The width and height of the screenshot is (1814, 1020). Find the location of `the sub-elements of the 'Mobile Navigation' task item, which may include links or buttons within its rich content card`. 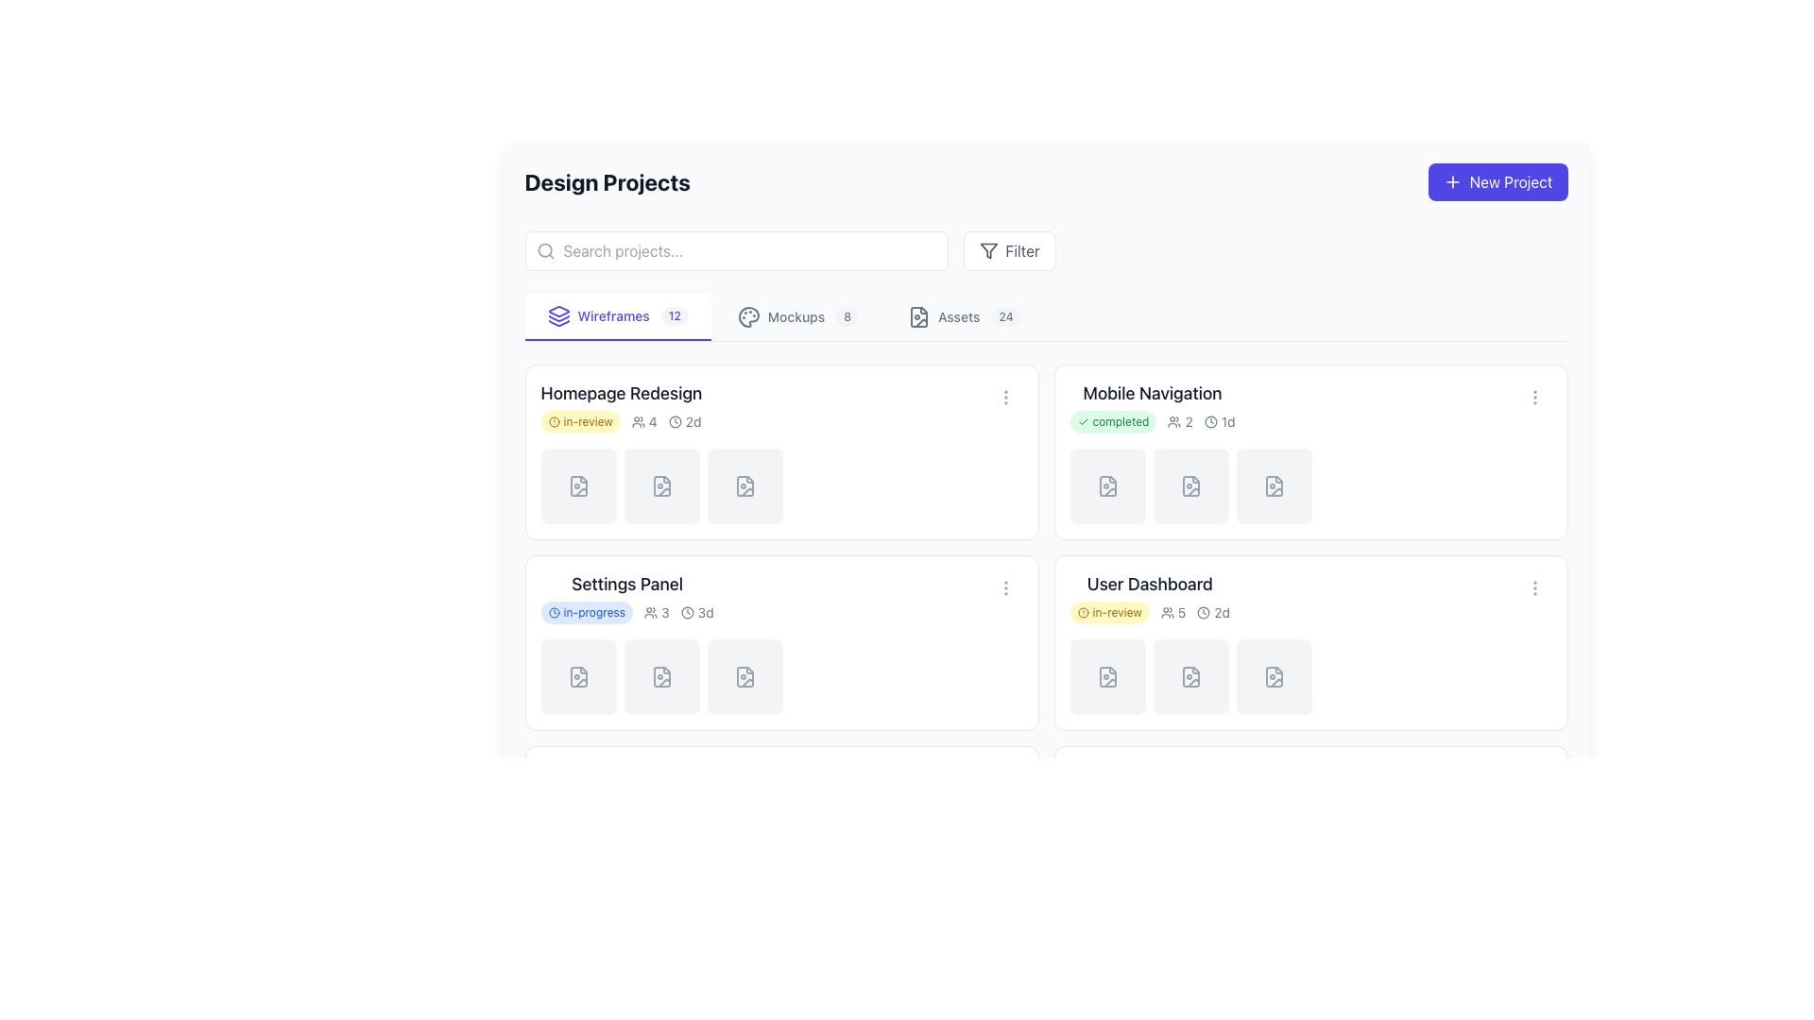

the sub-elements of the 'Mobile Navigation' task item, which may include links or buttons within its rich content card is located at coordinates (1151, 406).